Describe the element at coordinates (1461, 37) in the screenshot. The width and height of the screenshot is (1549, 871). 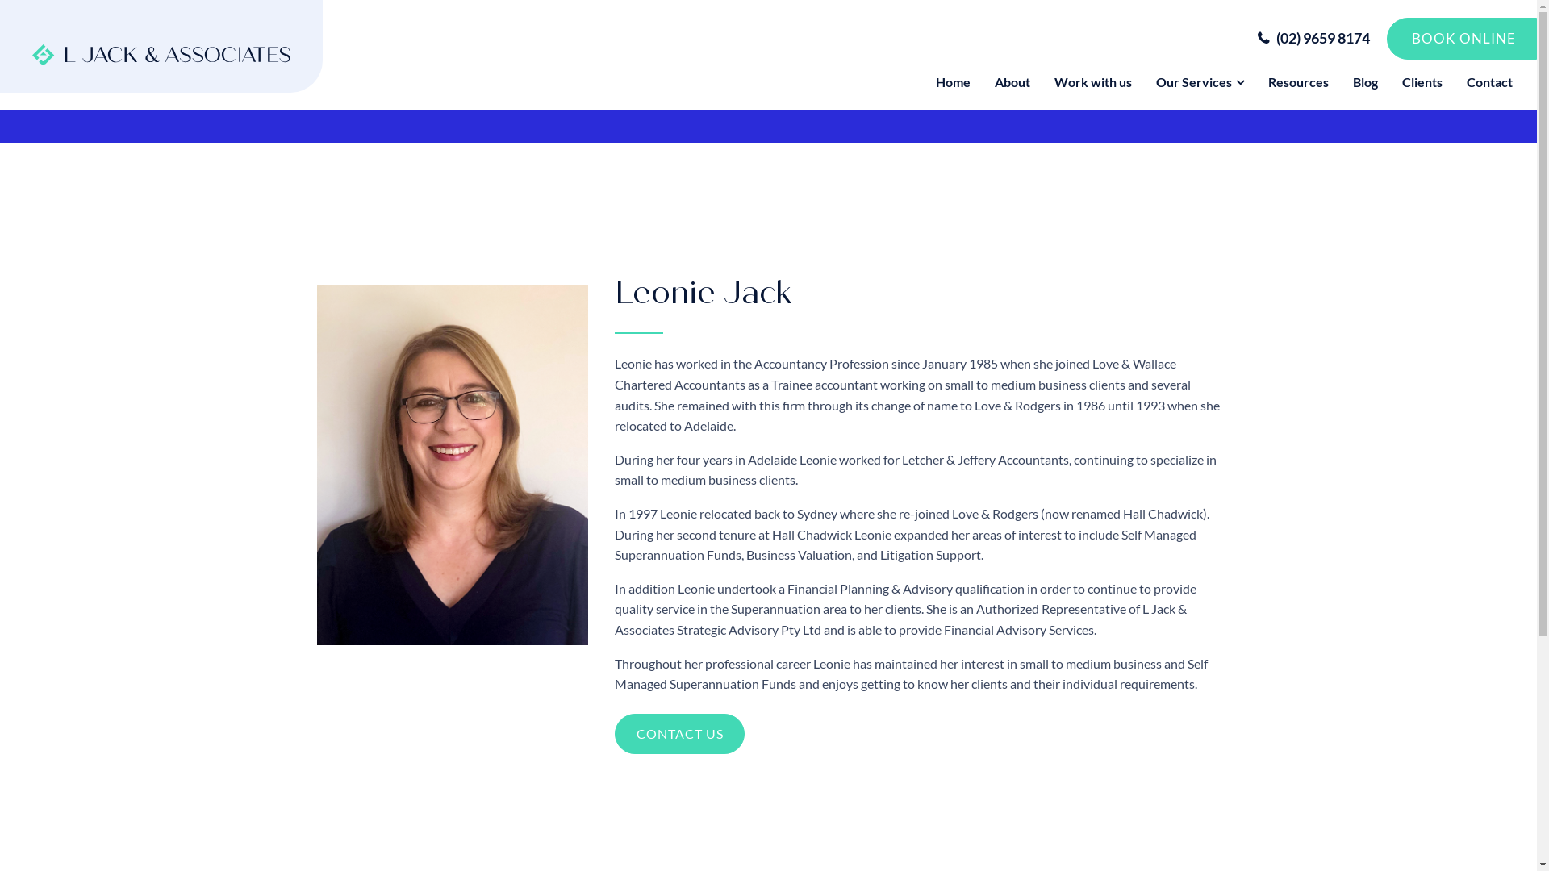
I see `'BOOK ONLINE'` at that location.